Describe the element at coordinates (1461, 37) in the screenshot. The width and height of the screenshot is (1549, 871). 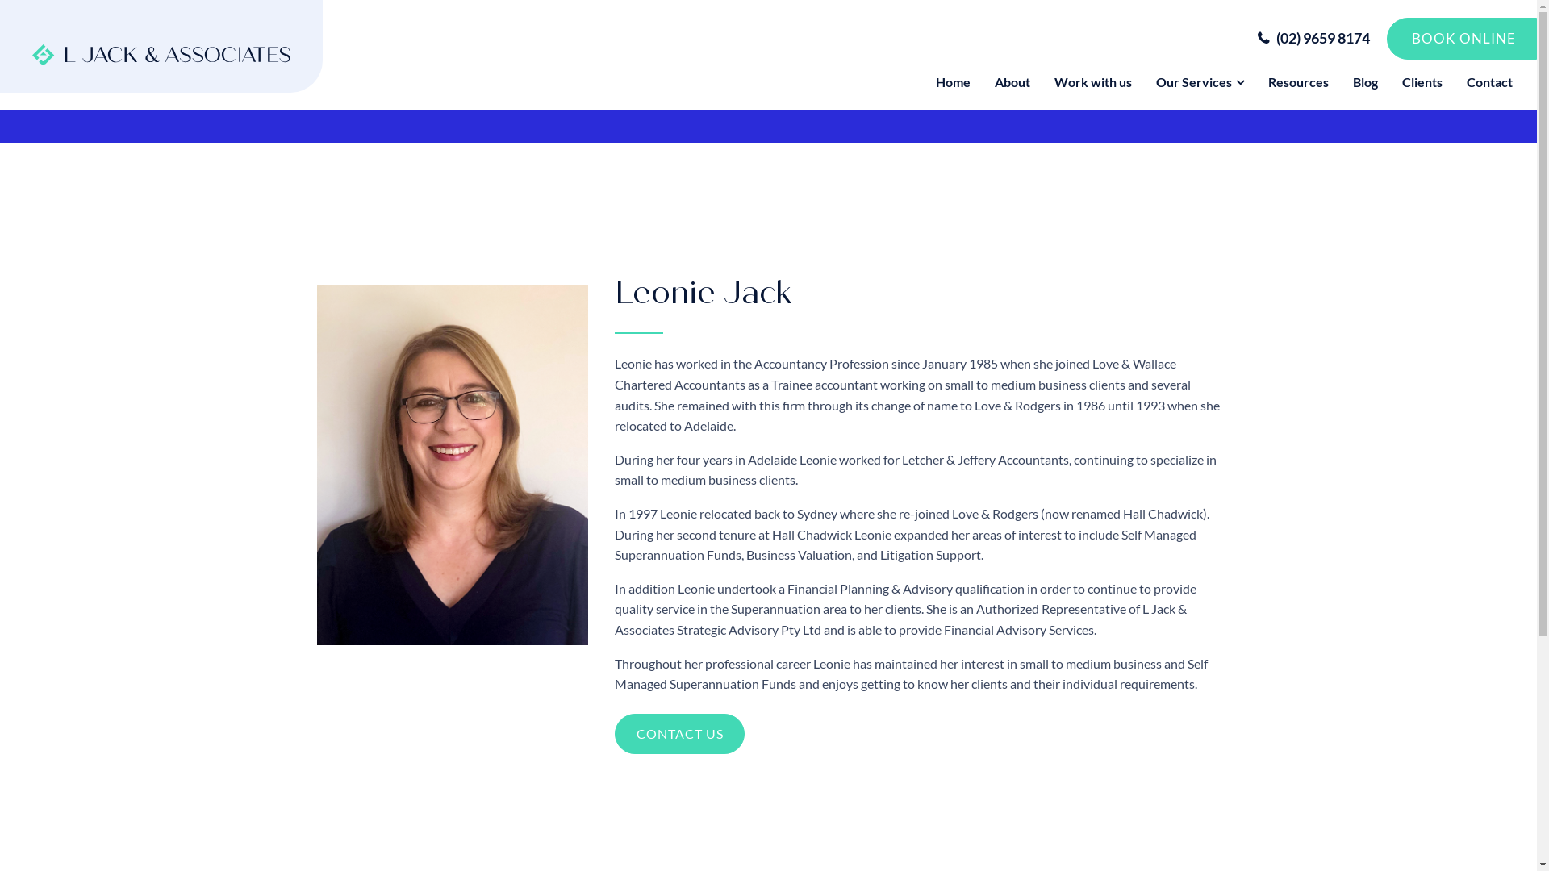
I see `'BOOK ONLINE'` at that location.